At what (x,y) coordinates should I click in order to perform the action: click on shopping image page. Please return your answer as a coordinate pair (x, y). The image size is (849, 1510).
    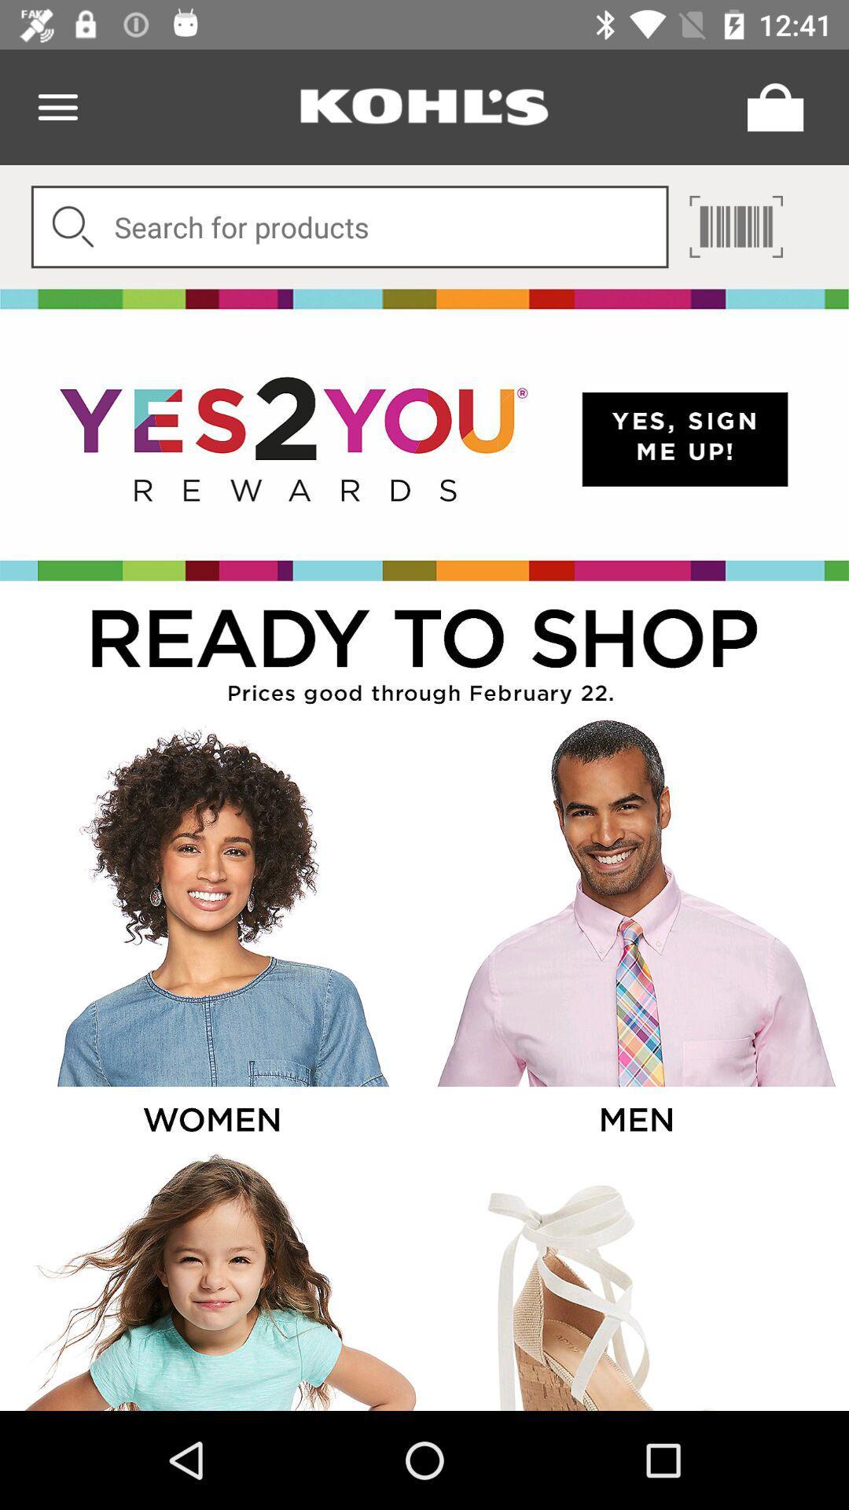
    Looking at the image, I should click on (634, 1280).